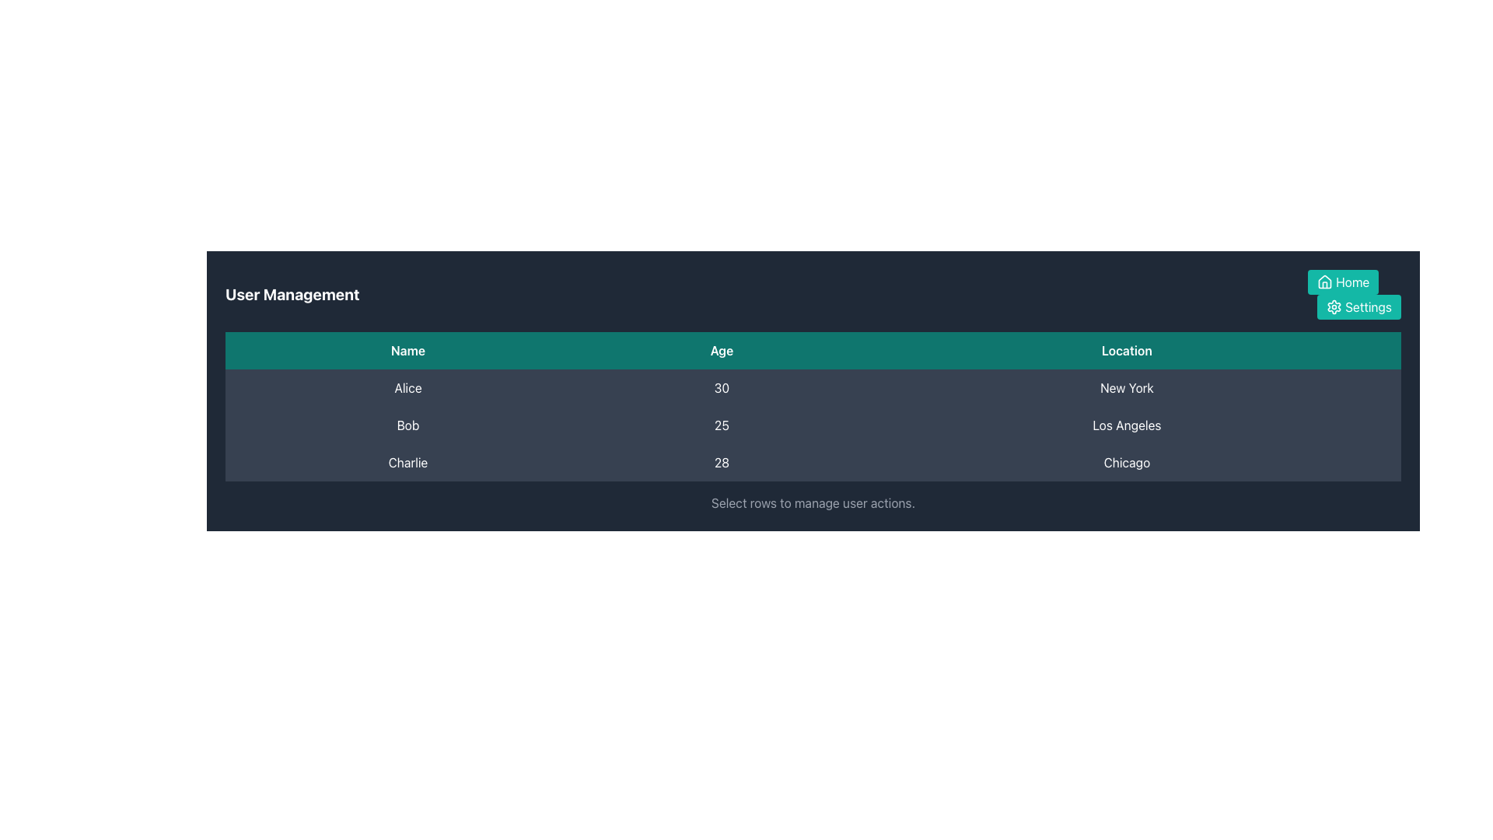 This screenshot has height=840, width=1493. What do you see at coordinates (407, 351) in the screenshot?
I see `the 'Name' column header cell to sort the data in the corresponding column` at bounding box center [407, 351].